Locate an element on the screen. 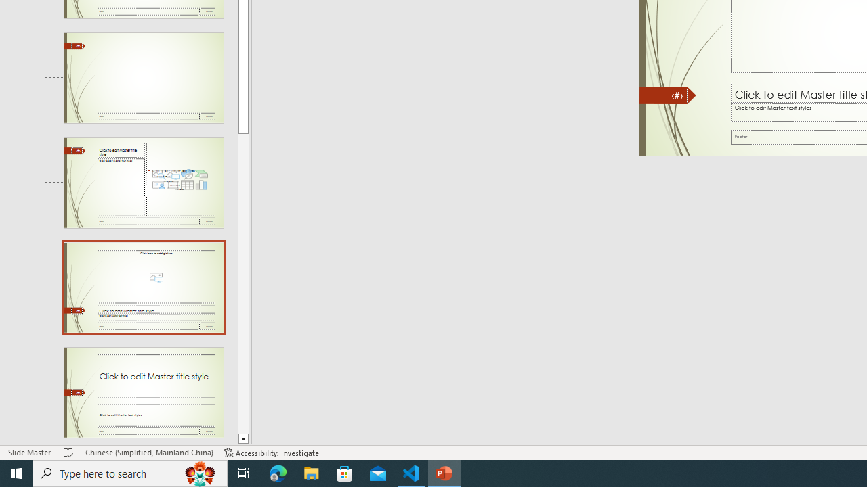  'Slide Content with Caption Layout: used by no slides' is located at coordinates (144, 183).